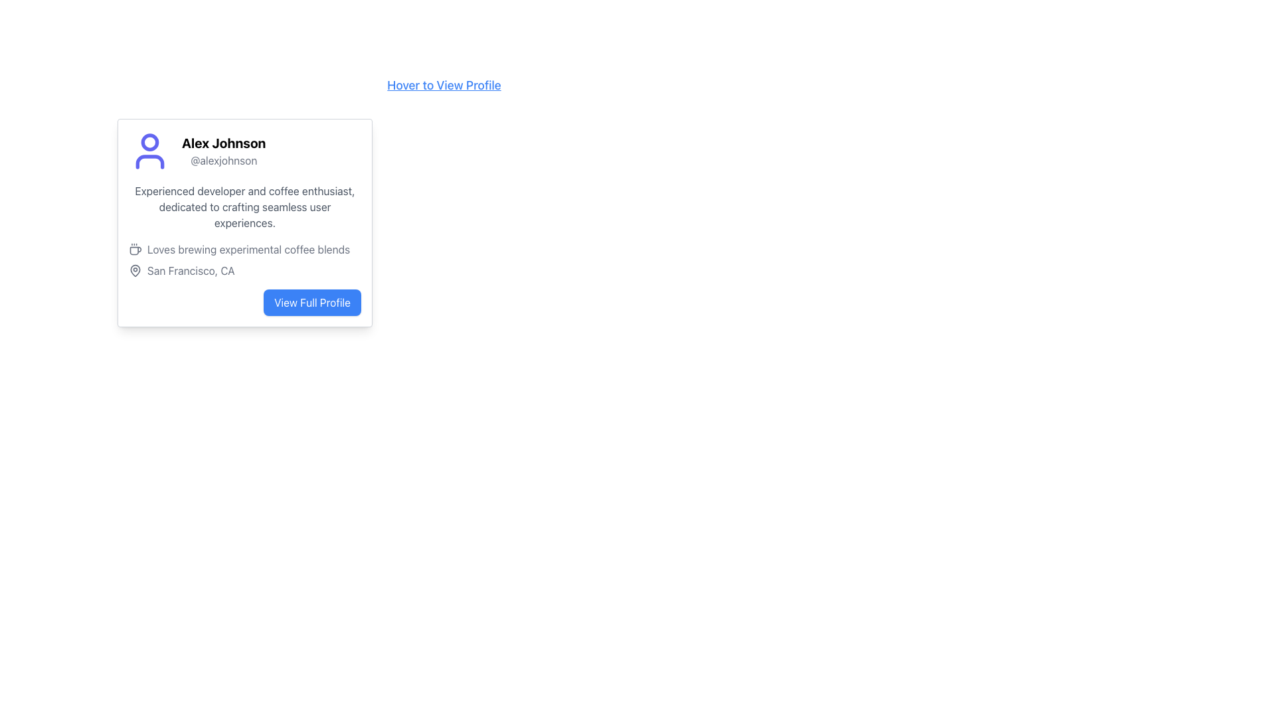  I want to click on the Profile Header with Icon and Text, which includes the profile picture, the name 'Alex Johnson', and the username '@alexjohnson', so click(245, 150).